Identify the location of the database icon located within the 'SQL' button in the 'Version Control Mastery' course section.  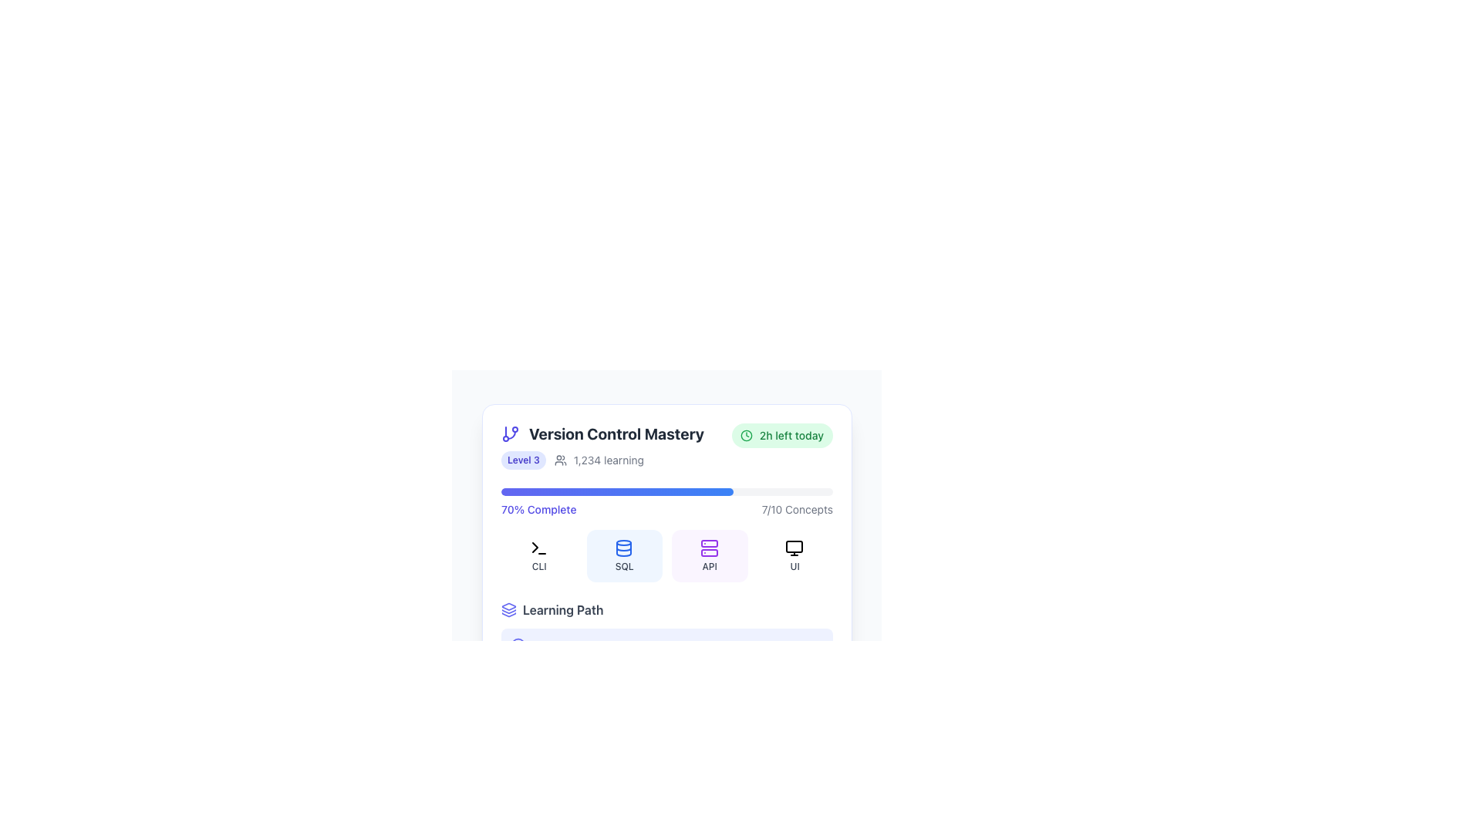
(624, 547).